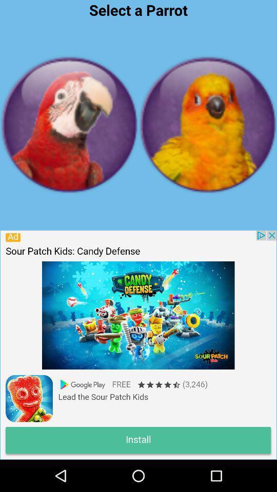 The width and height of the screenshot is (277, 492). I want to click on bird pega, so click(69, 124).